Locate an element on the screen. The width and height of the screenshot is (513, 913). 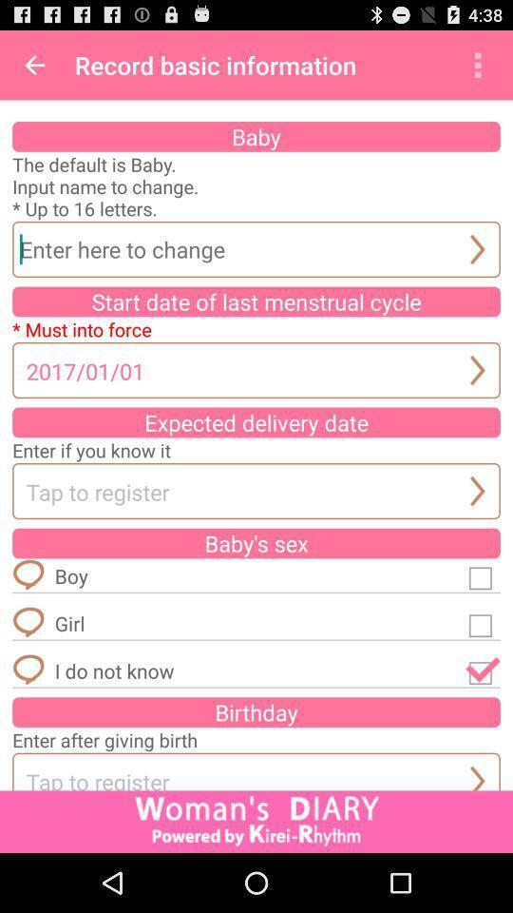
the name is located at coordinates (256, 248).